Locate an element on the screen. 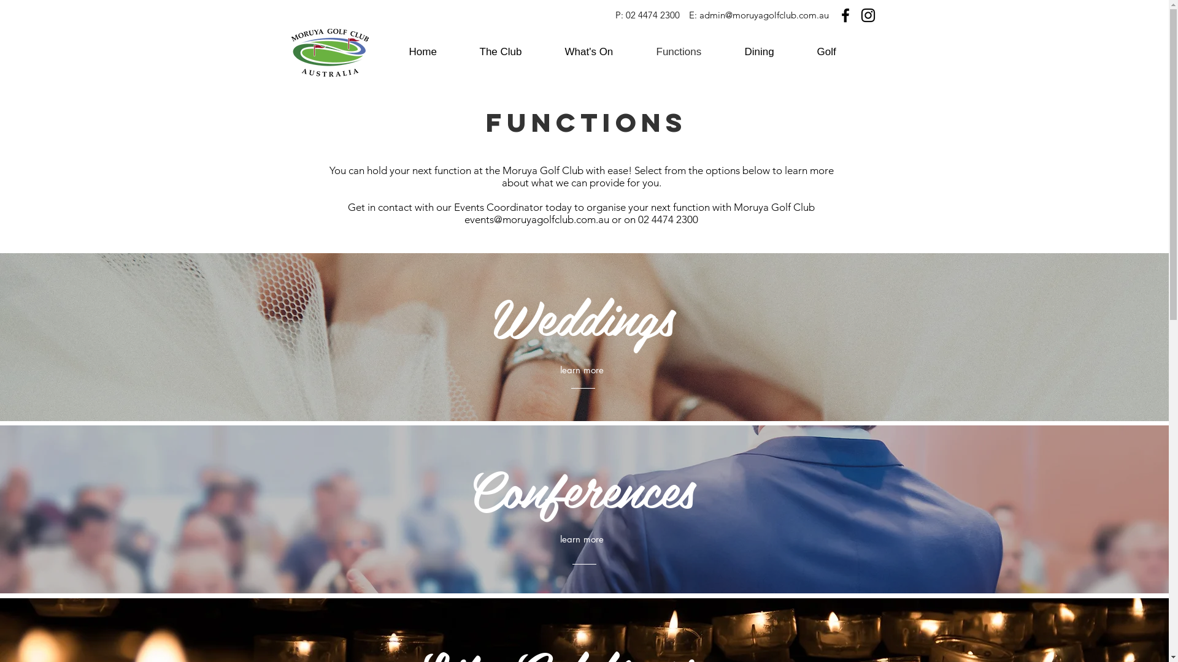  'Golf' is located at coordinates (807, 51).